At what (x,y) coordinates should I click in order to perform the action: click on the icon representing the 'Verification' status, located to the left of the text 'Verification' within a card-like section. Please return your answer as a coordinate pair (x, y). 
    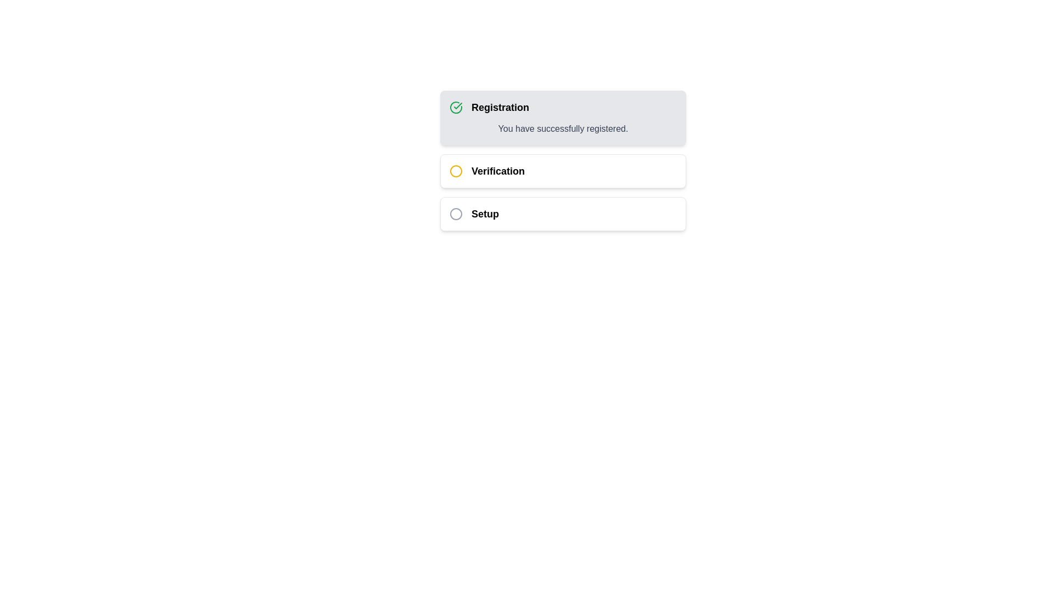
    Looking at the image, I should click on (456, 171).